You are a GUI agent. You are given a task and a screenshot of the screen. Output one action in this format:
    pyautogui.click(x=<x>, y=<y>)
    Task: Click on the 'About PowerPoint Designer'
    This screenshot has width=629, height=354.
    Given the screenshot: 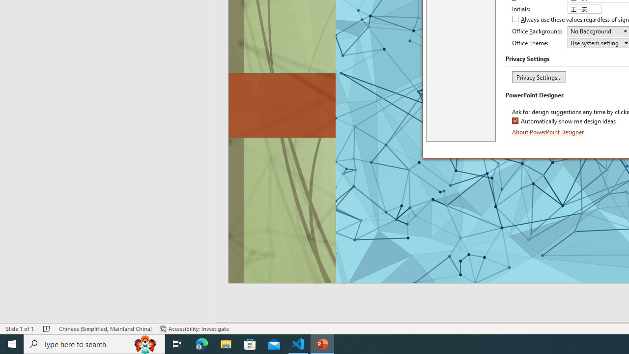 What is the action you would take?
    pyautogui.click(x=548, y=131)
    